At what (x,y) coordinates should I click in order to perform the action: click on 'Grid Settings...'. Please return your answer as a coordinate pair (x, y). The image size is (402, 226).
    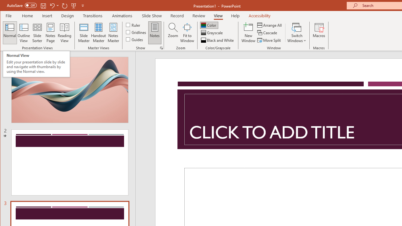
    Looking at the image, I should click on (161, 48).